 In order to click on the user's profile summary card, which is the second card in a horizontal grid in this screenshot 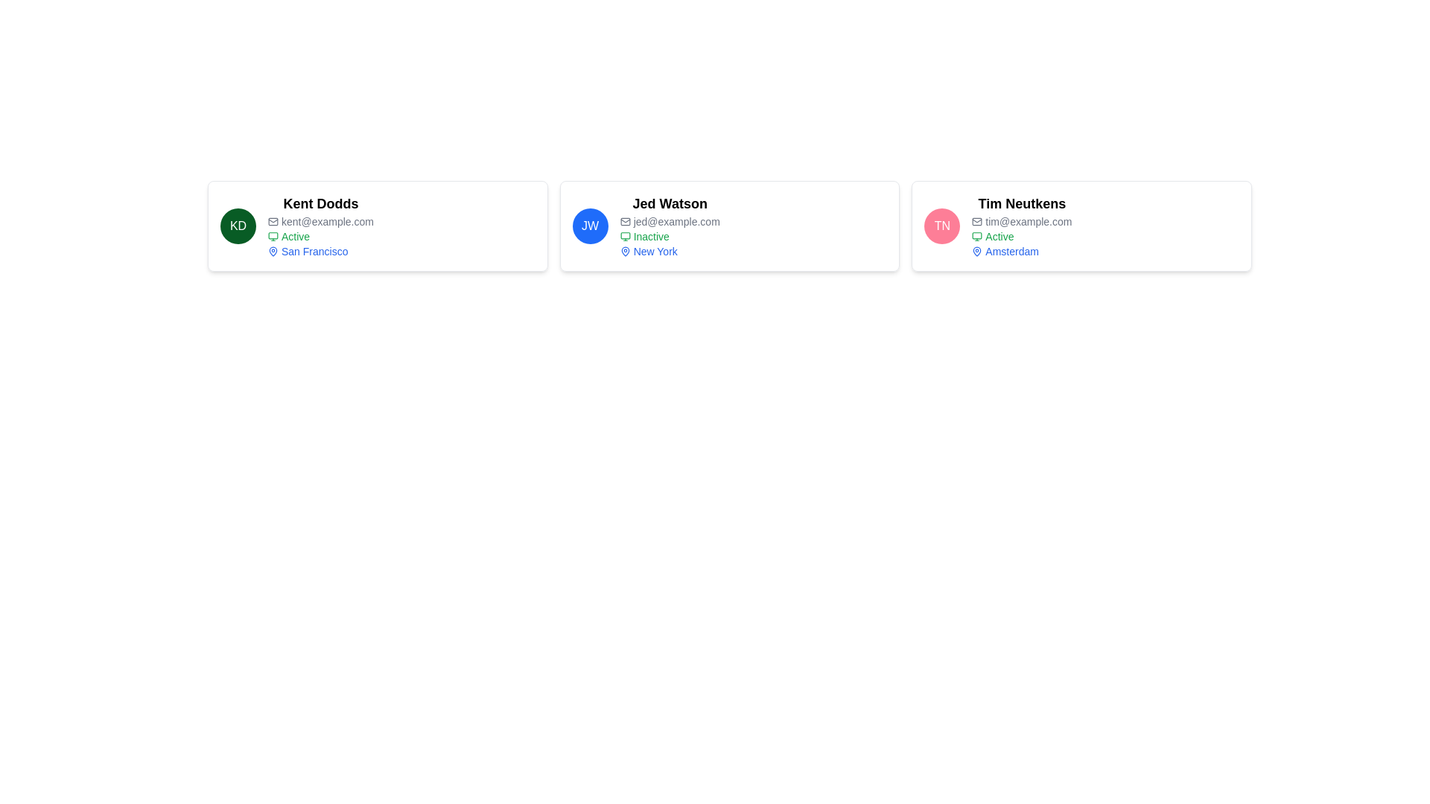, I will do `click(729, 226)`.